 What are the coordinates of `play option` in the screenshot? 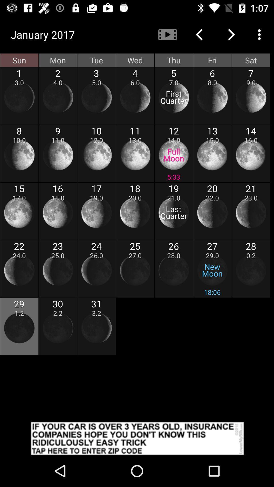 It's located at (167, 34).